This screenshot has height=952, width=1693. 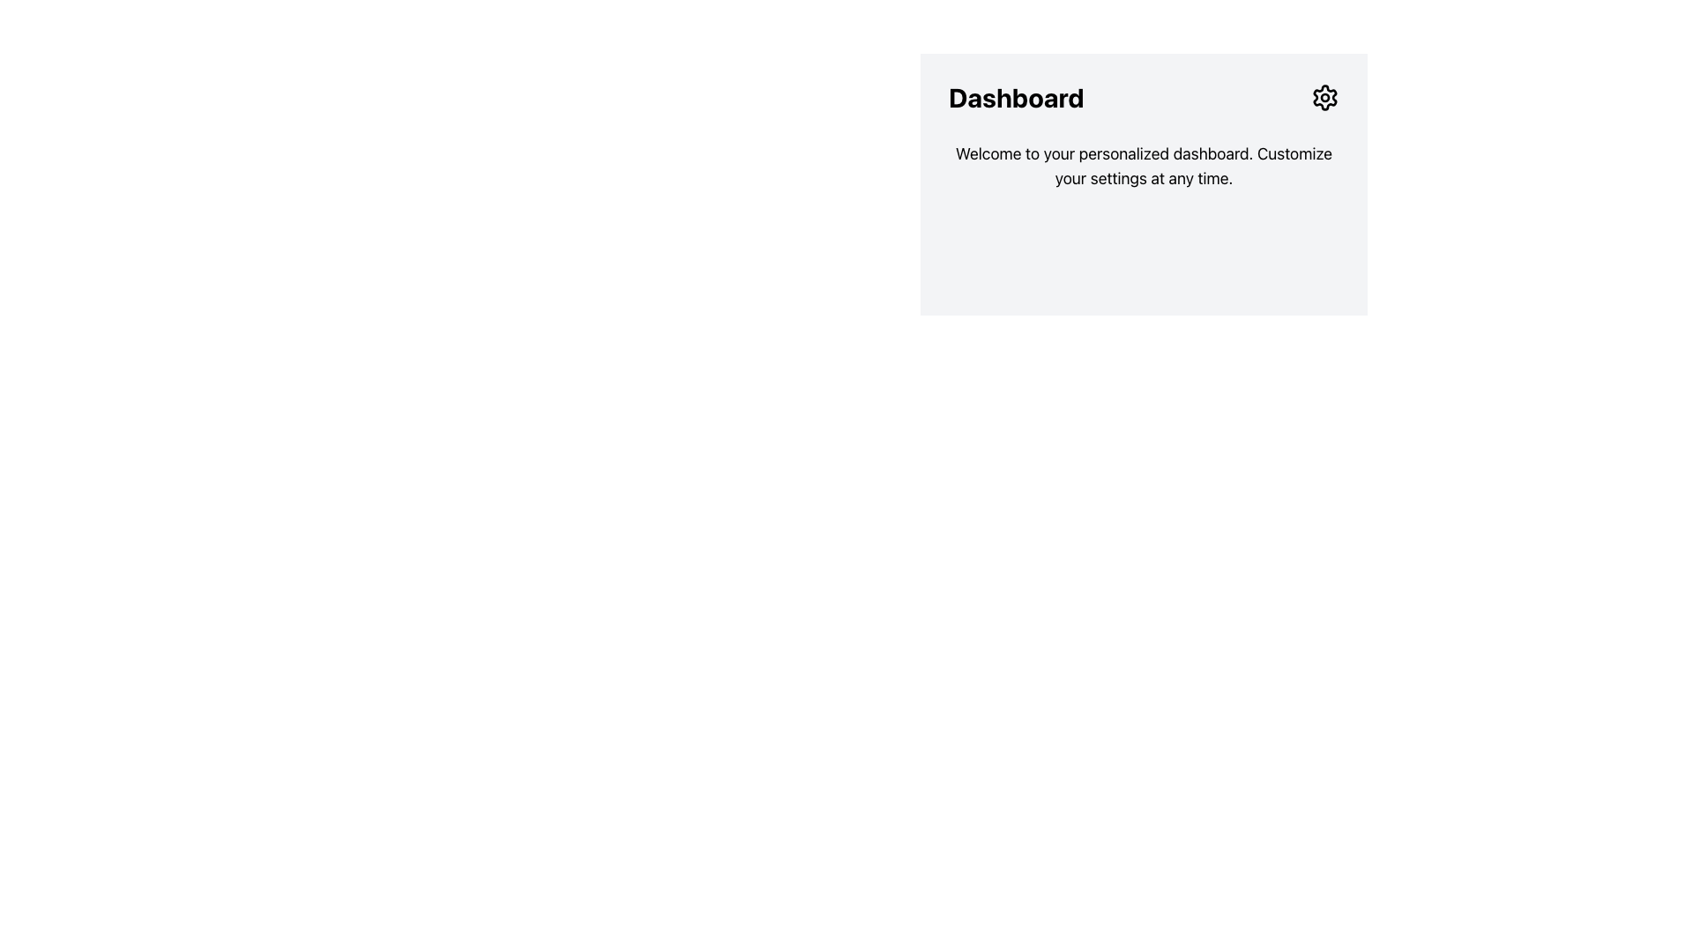 What do you see at coordinates (1016, 98) in the screenshot?
I see `the large, bold text label 'Dashboard' located at the upper left part of the section` at bounding box center [1016, 98].